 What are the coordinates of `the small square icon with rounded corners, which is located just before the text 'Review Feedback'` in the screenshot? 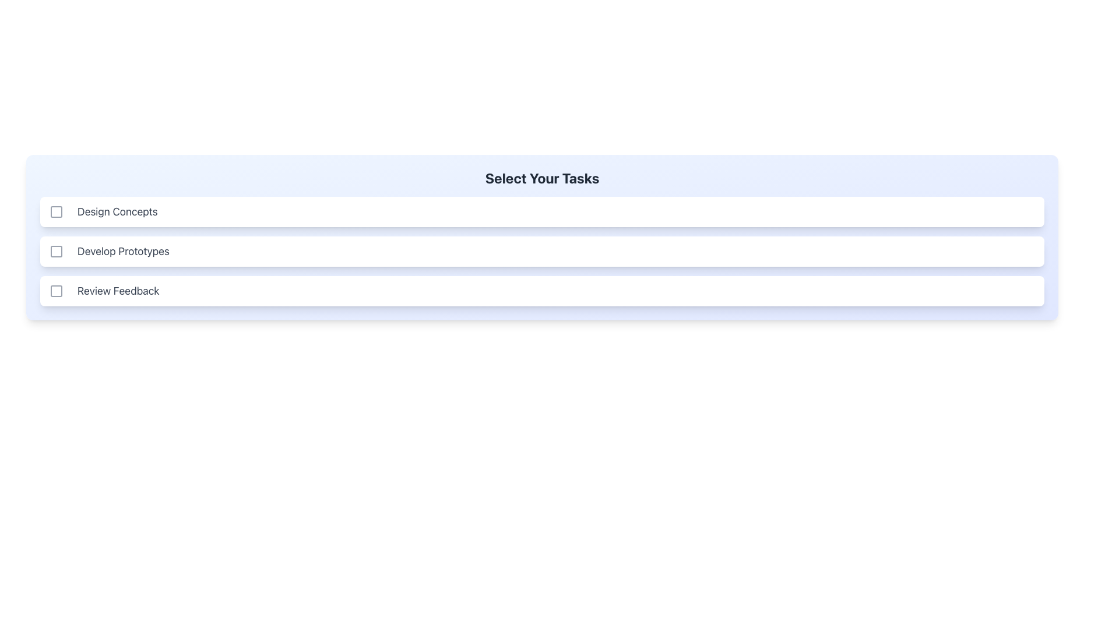 It's located at (55, 291).